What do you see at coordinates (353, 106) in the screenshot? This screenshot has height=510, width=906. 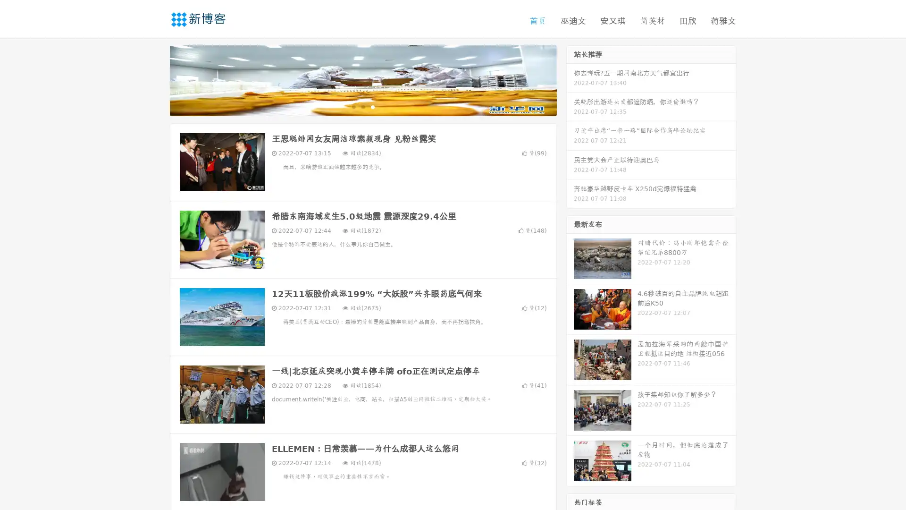 I see `Go to slide 1` at bounding box center [353, 106].